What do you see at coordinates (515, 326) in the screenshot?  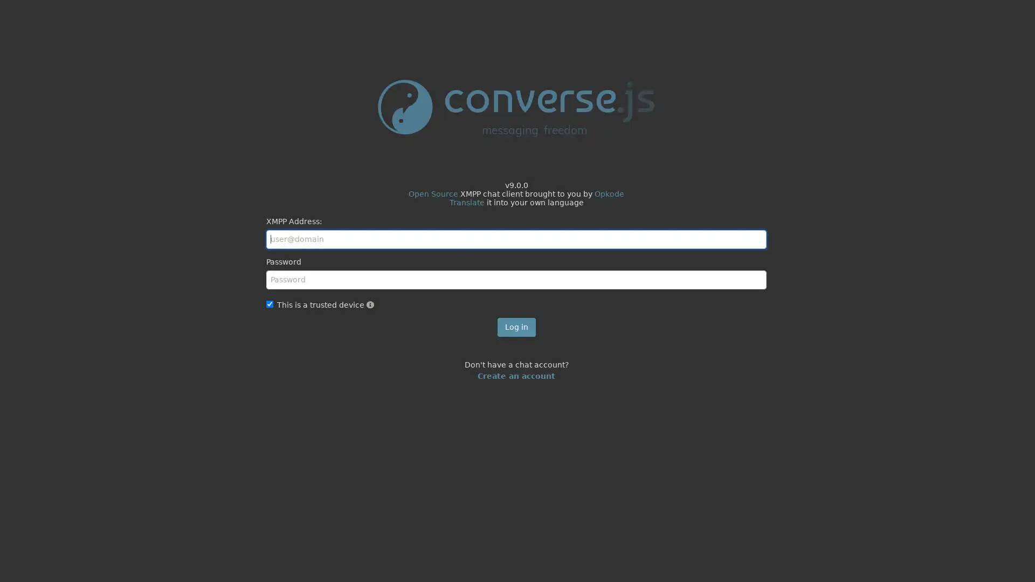 I see `Log in` at bounding box center [515, 326].